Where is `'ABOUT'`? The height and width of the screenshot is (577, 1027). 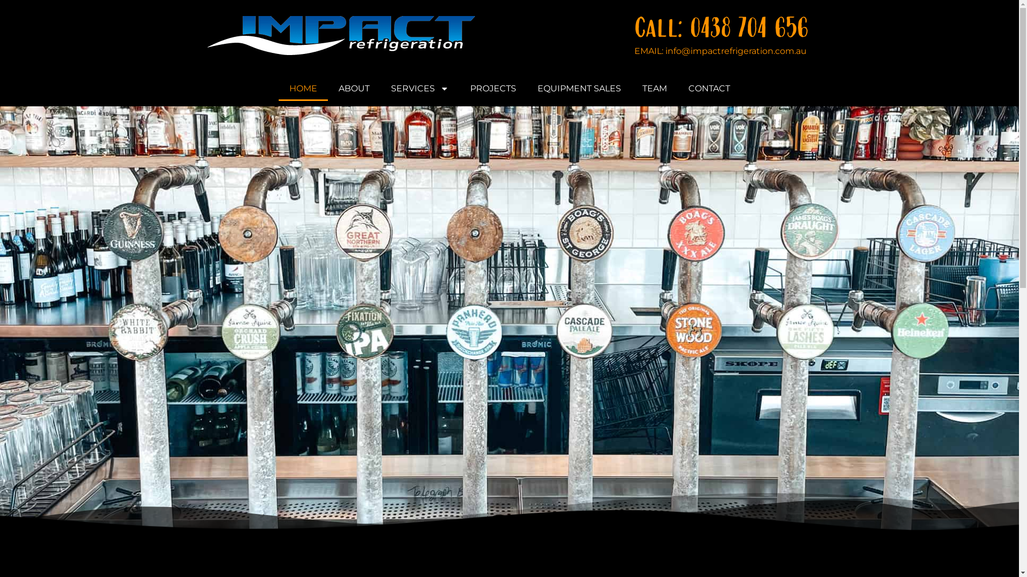
'ABOUT' is located at coordinates (326, 88).